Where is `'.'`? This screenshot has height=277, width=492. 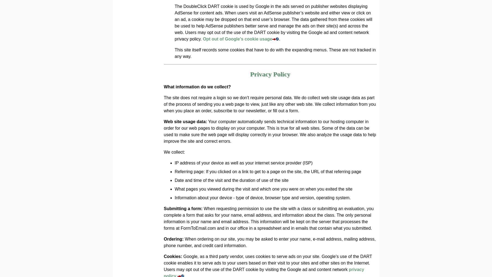
'.' is located at coordinates (279, 39).